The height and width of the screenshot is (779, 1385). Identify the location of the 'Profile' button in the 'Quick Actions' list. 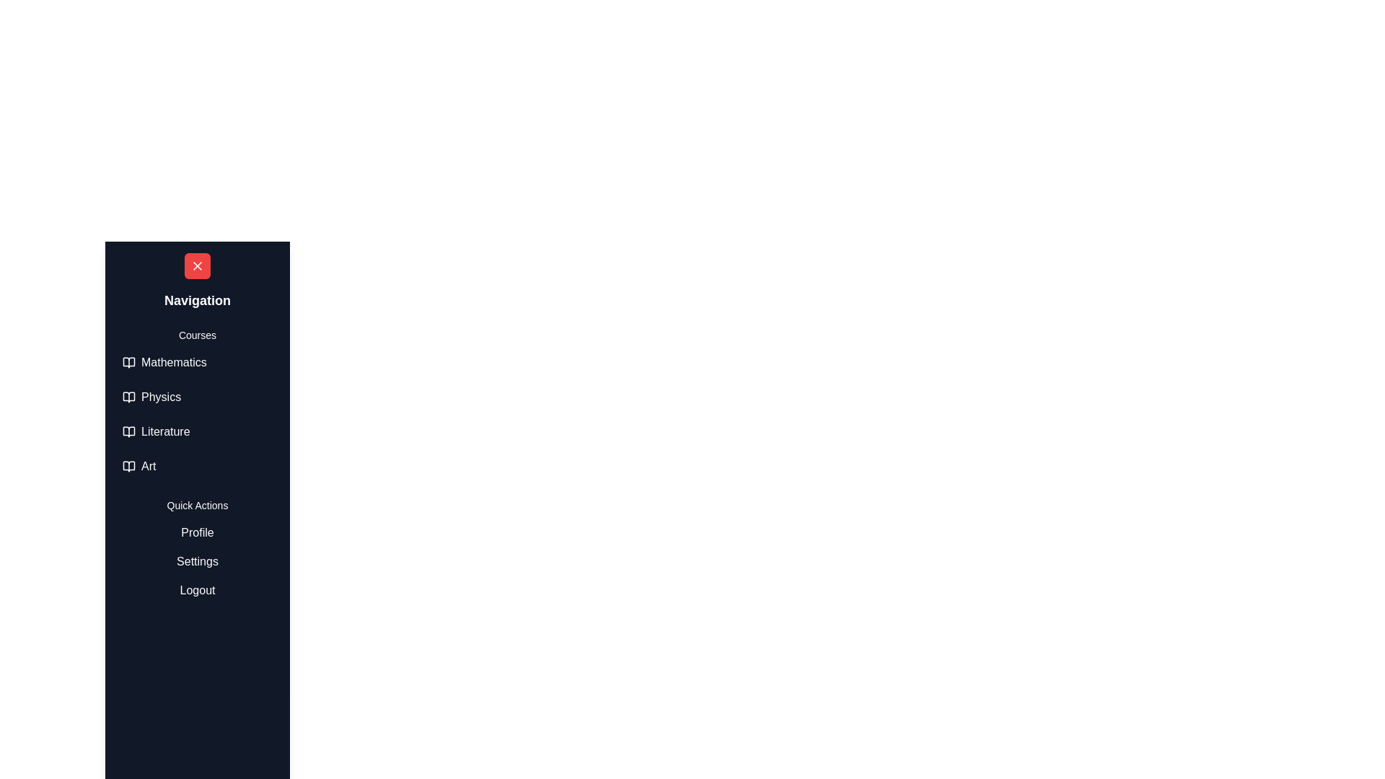
(196, 533).